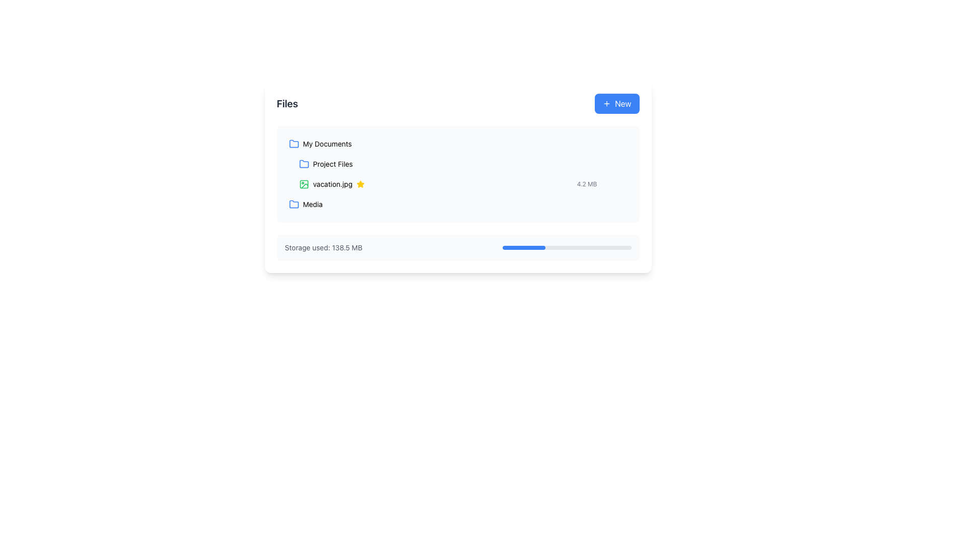 The width and height of the screenshot is (967, 544). Describe the element at coordinates (293, 204) in the screenshot. I see `the folder icon with a blue outline that appears first in the 'Media' list` at that location.